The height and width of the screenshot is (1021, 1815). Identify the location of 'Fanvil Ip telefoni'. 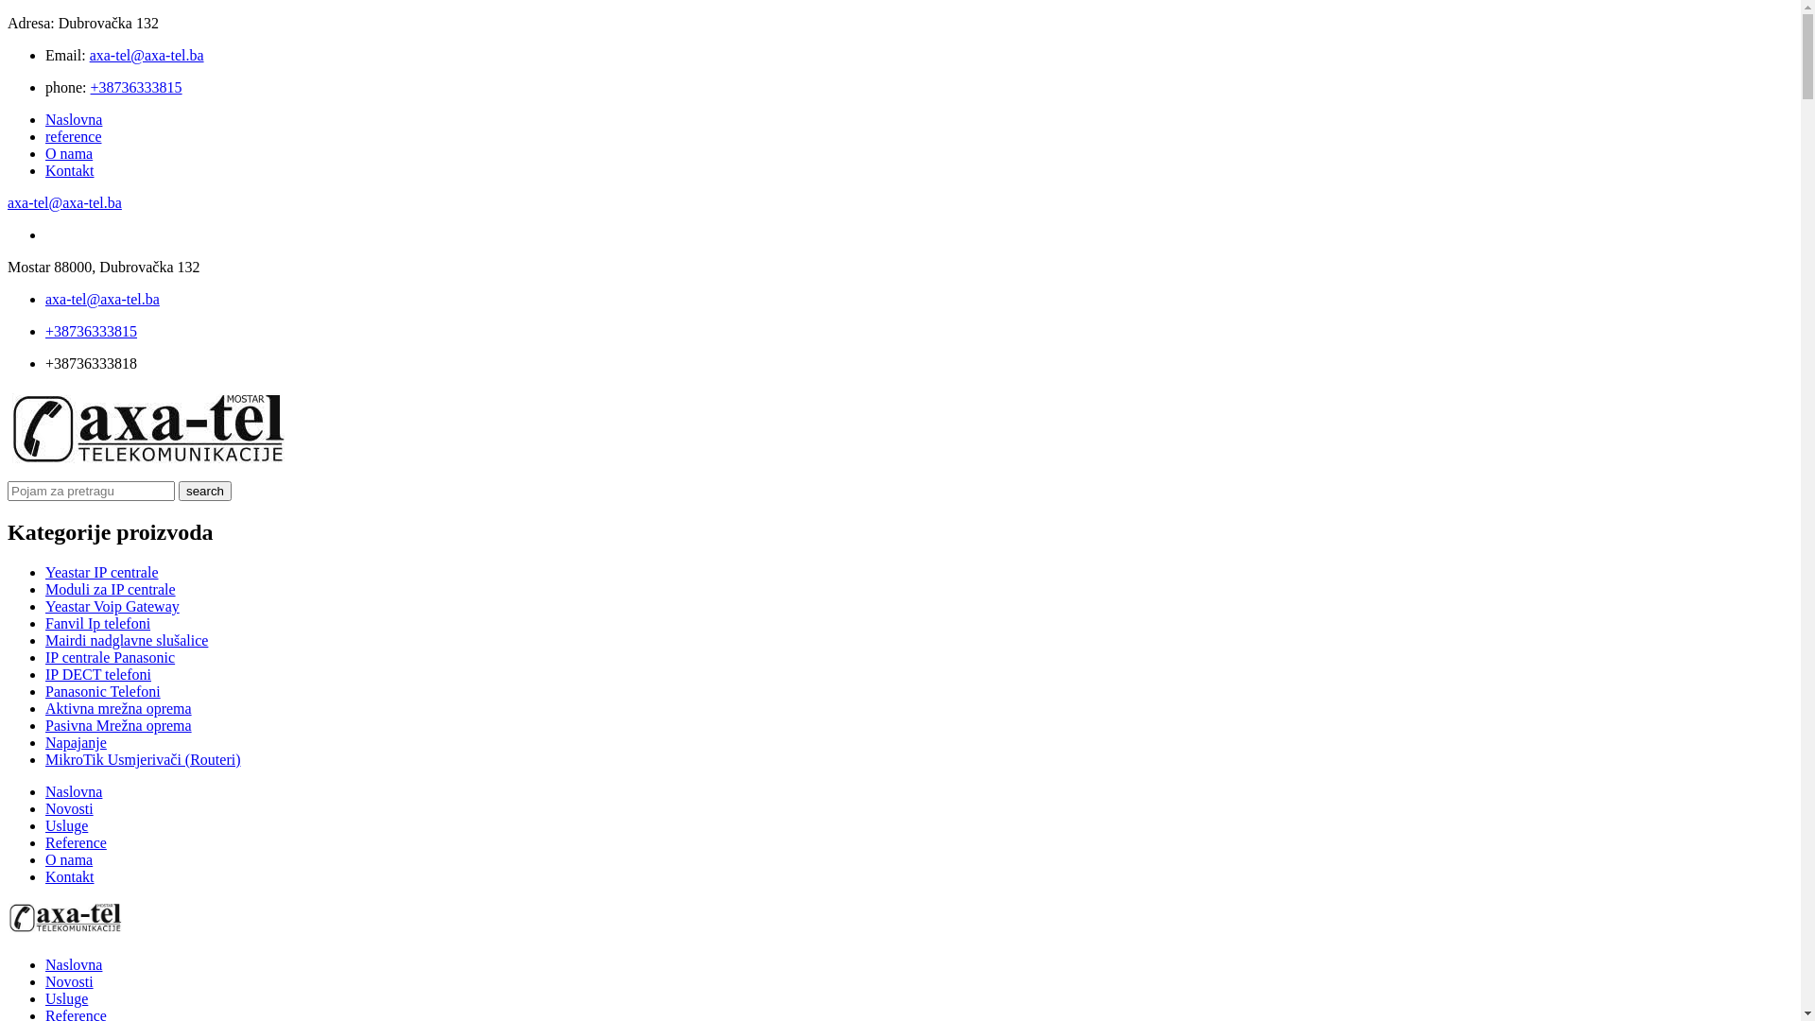
(96, 623).